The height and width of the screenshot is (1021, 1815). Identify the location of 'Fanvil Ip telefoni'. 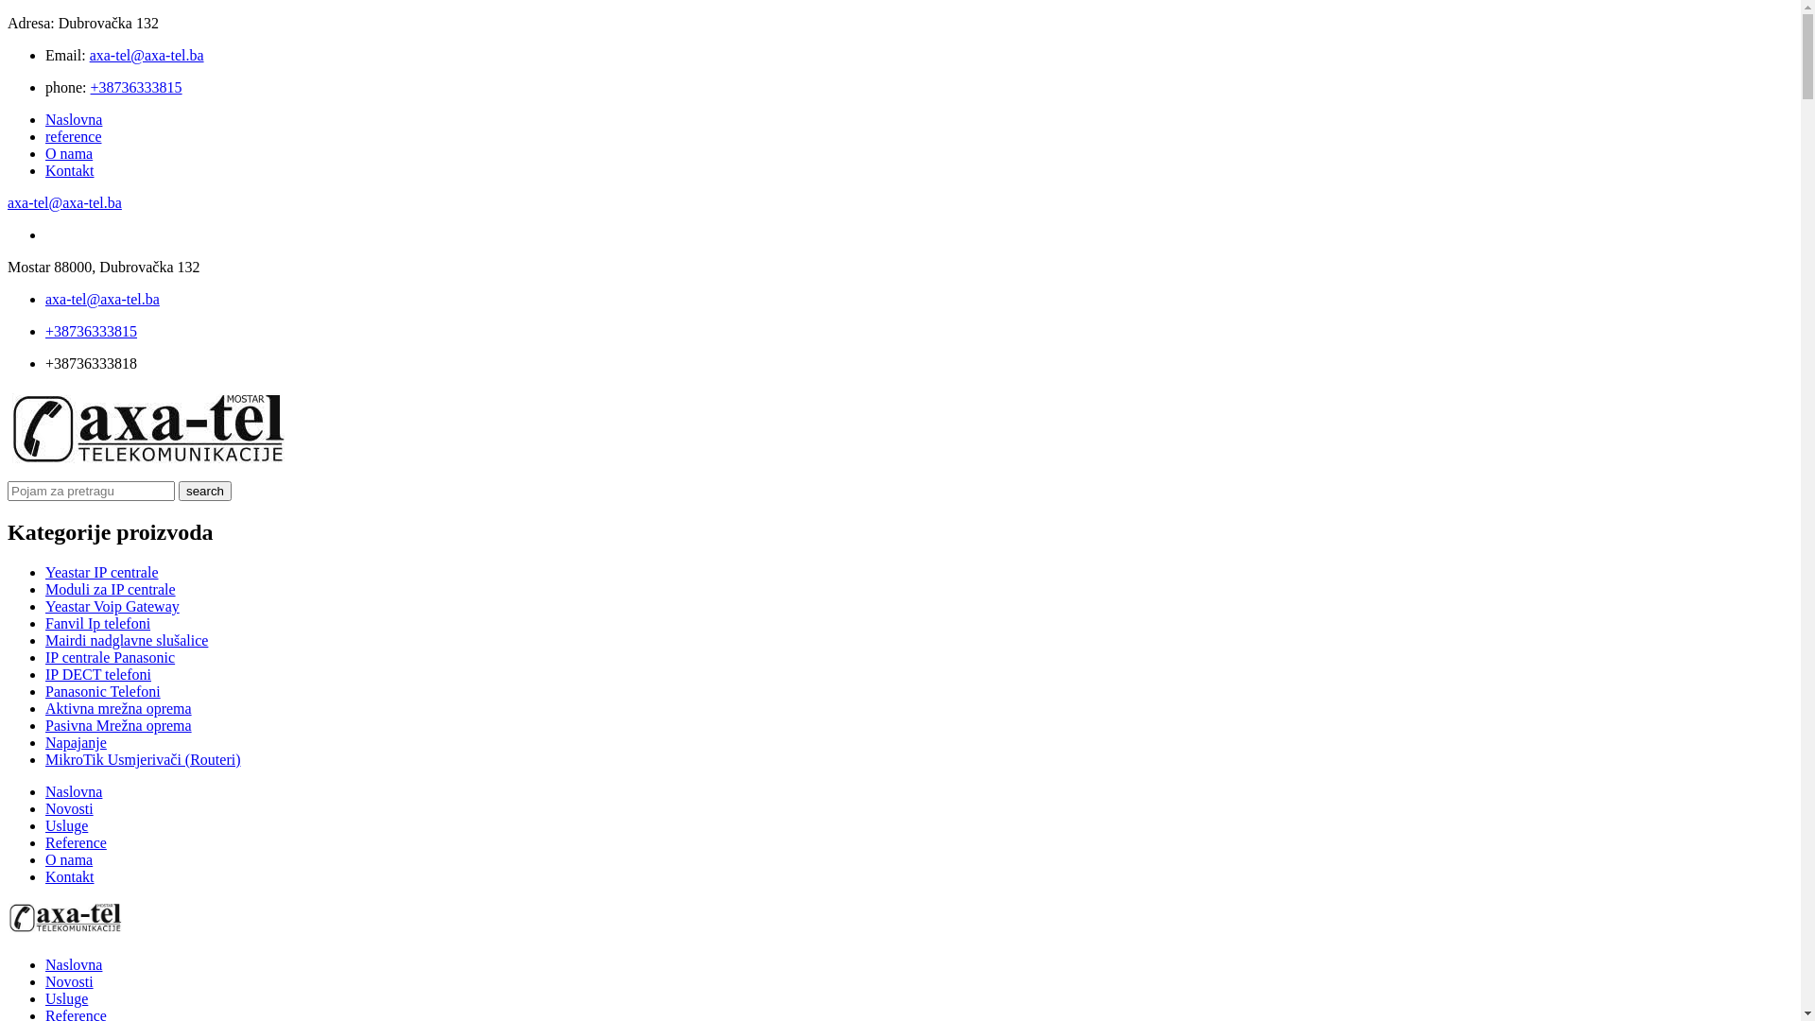
(96, 623).